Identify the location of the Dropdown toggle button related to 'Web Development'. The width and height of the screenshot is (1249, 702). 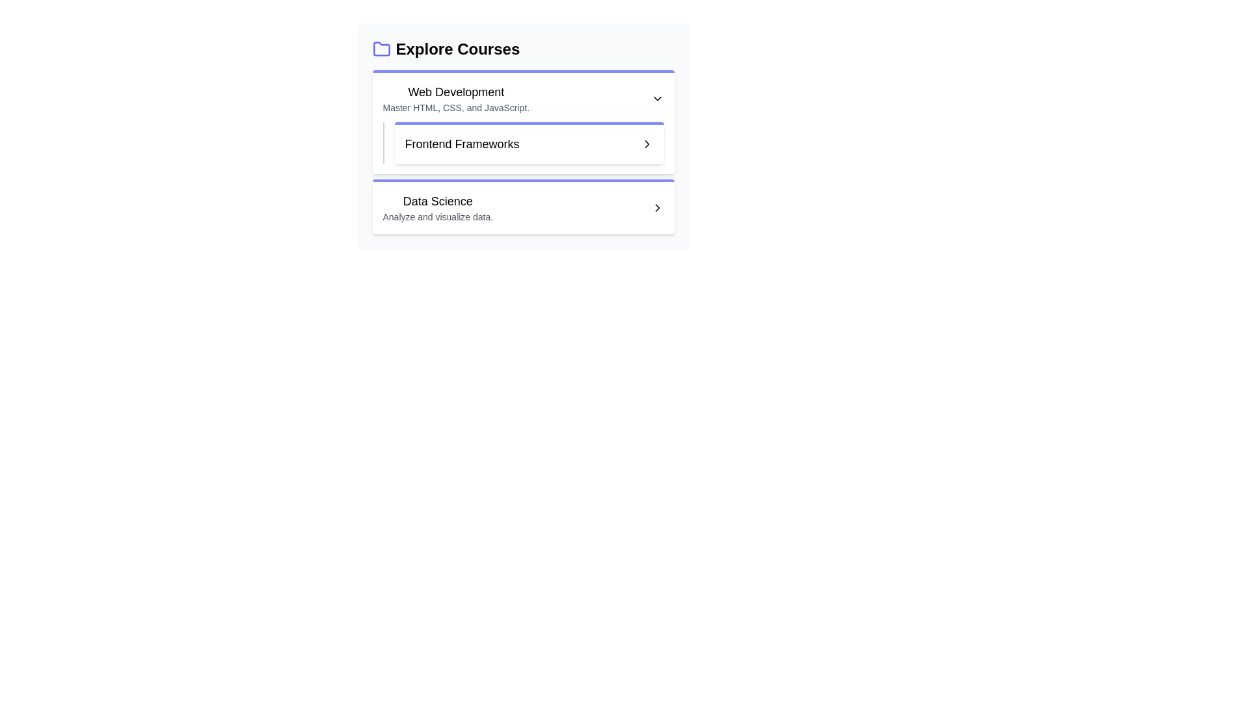
(523, 97).